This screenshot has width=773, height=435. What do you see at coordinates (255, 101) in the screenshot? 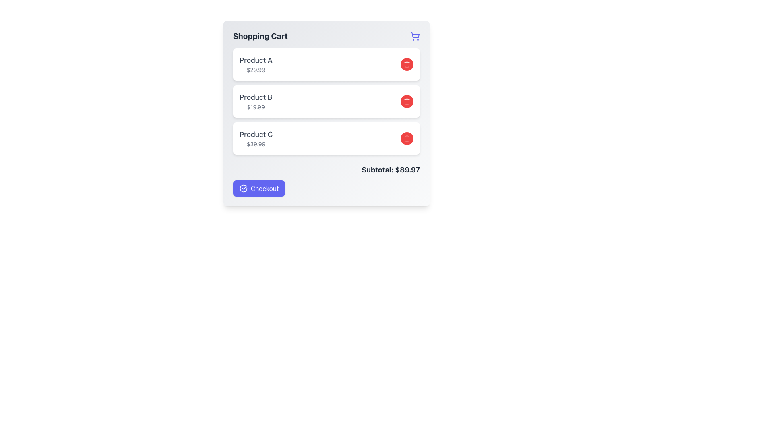
I see `displayed text 'Product B' and its price '$19.99' from the second item in the shopping cart interface, which is styled with a clean sans-serif font and appears within a white card` at bounding box center [255, 101].